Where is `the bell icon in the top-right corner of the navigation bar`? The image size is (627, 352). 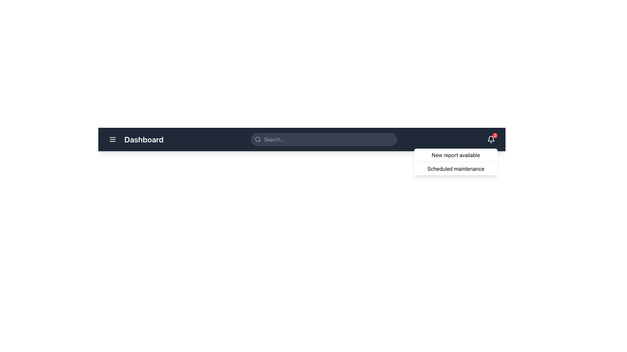 the bell icon in the top-right corner of the navigation bar is located at coordinates (491, 139).